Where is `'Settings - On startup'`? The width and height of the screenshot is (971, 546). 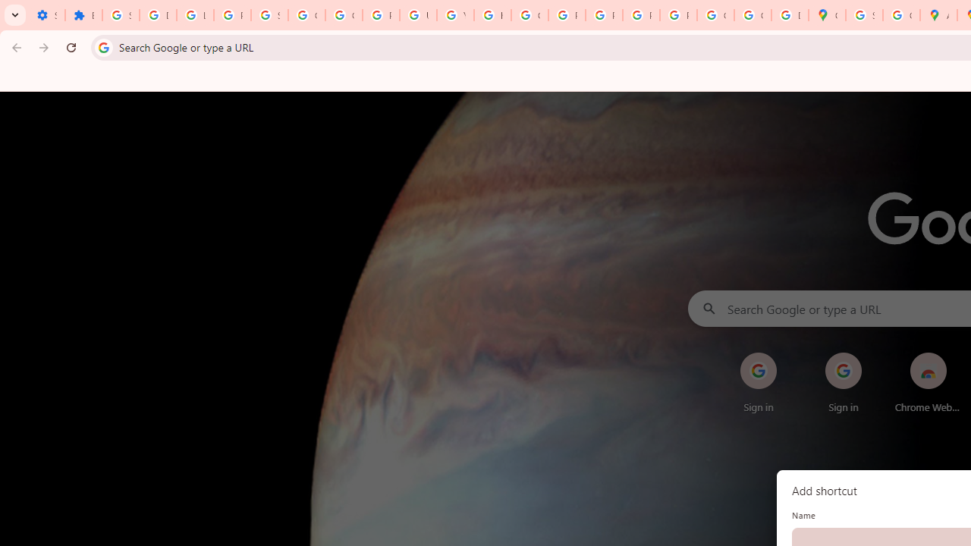 'Settings - On startup' is located at coordinates (46, 15).